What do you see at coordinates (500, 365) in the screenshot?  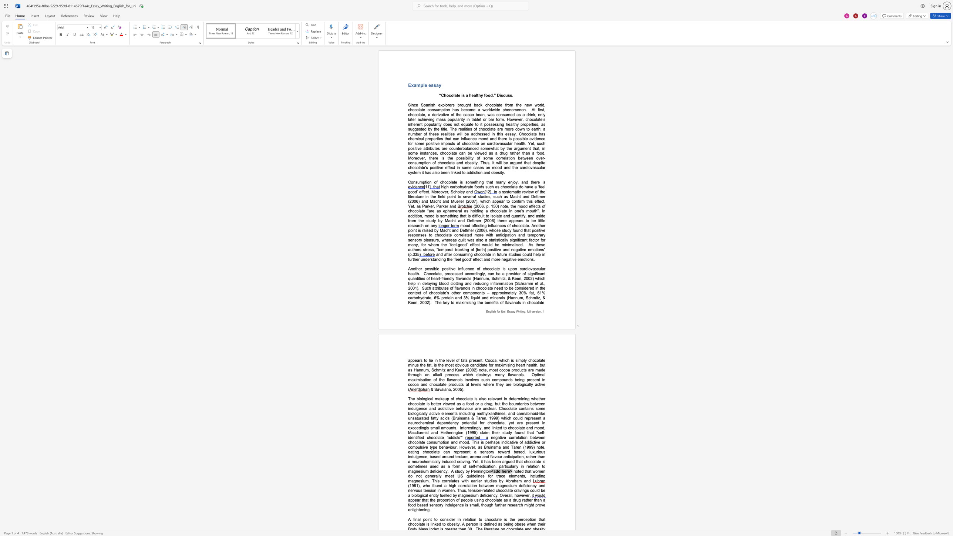 I see `the space between the continuous character "a" and "x" in the text` at bounding box center [500, 365].